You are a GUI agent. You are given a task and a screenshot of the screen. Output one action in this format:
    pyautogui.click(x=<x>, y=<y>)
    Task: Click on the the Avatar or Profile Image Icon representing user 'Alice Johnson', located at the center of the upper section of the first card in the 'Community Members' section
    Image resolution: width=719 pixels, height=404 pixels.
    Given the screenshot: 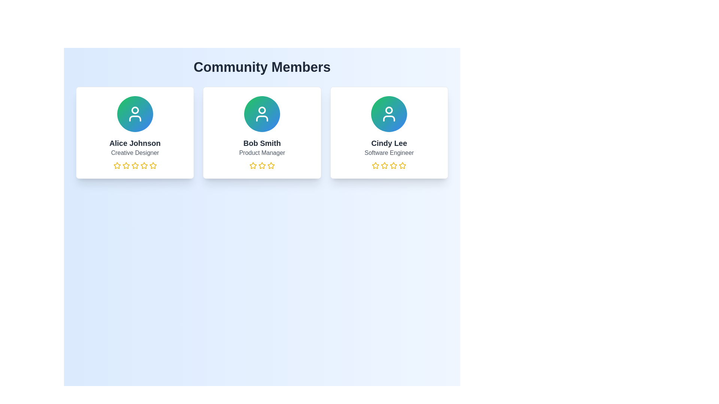 What is the action you would take?
    pyautogui.click(x=135, y=114)
    